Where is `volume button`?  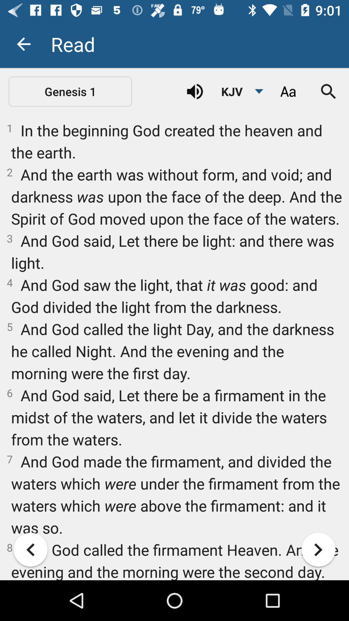
volume button is located at coordinates (195, 91).